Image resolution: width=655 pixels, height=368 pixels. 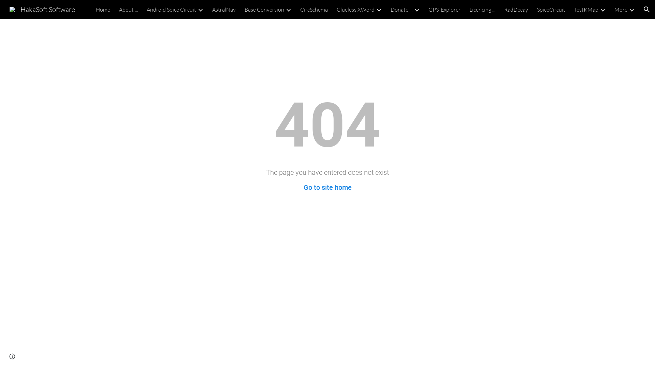 What do you see at coordinates (327, 187) in the screenshot?
I see `'Go to site home'` at bounding box center [327, 187].